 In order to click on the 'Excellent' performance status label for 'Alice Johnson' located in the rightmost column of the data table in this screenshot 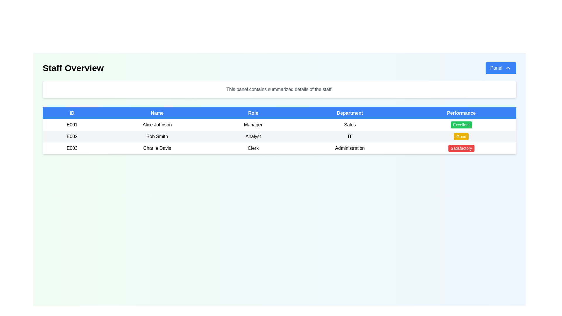, I will do `click(461, 125)`.